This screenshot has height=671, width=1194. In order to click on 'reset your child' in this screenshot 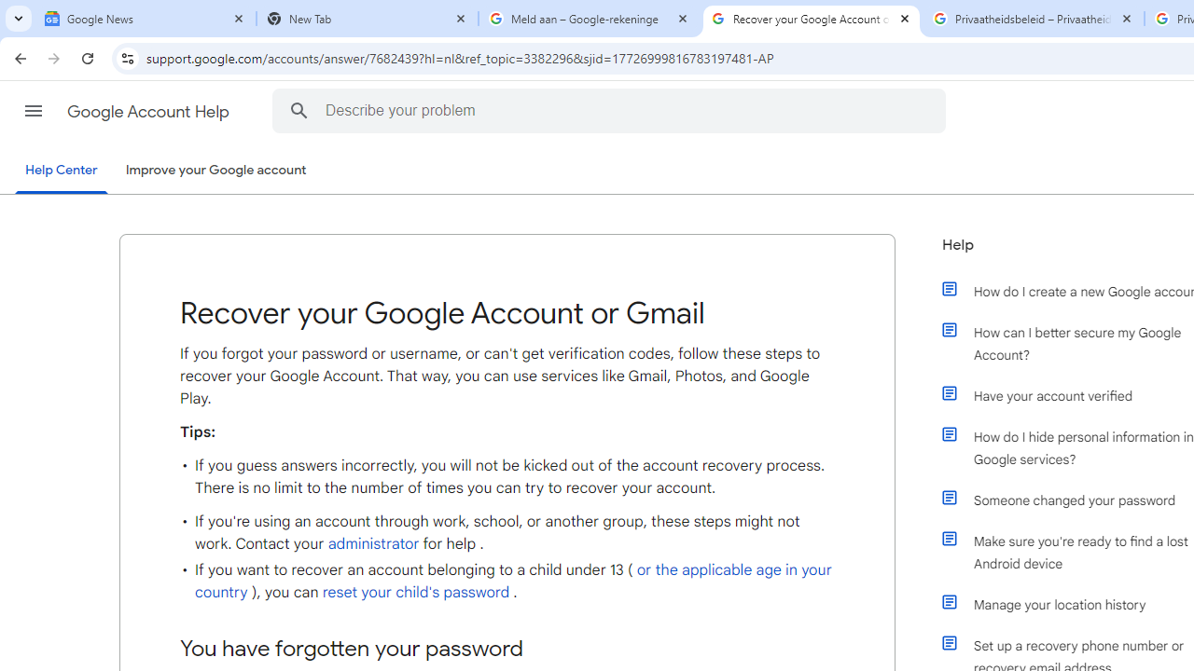, I will do `click(415, 592)`.